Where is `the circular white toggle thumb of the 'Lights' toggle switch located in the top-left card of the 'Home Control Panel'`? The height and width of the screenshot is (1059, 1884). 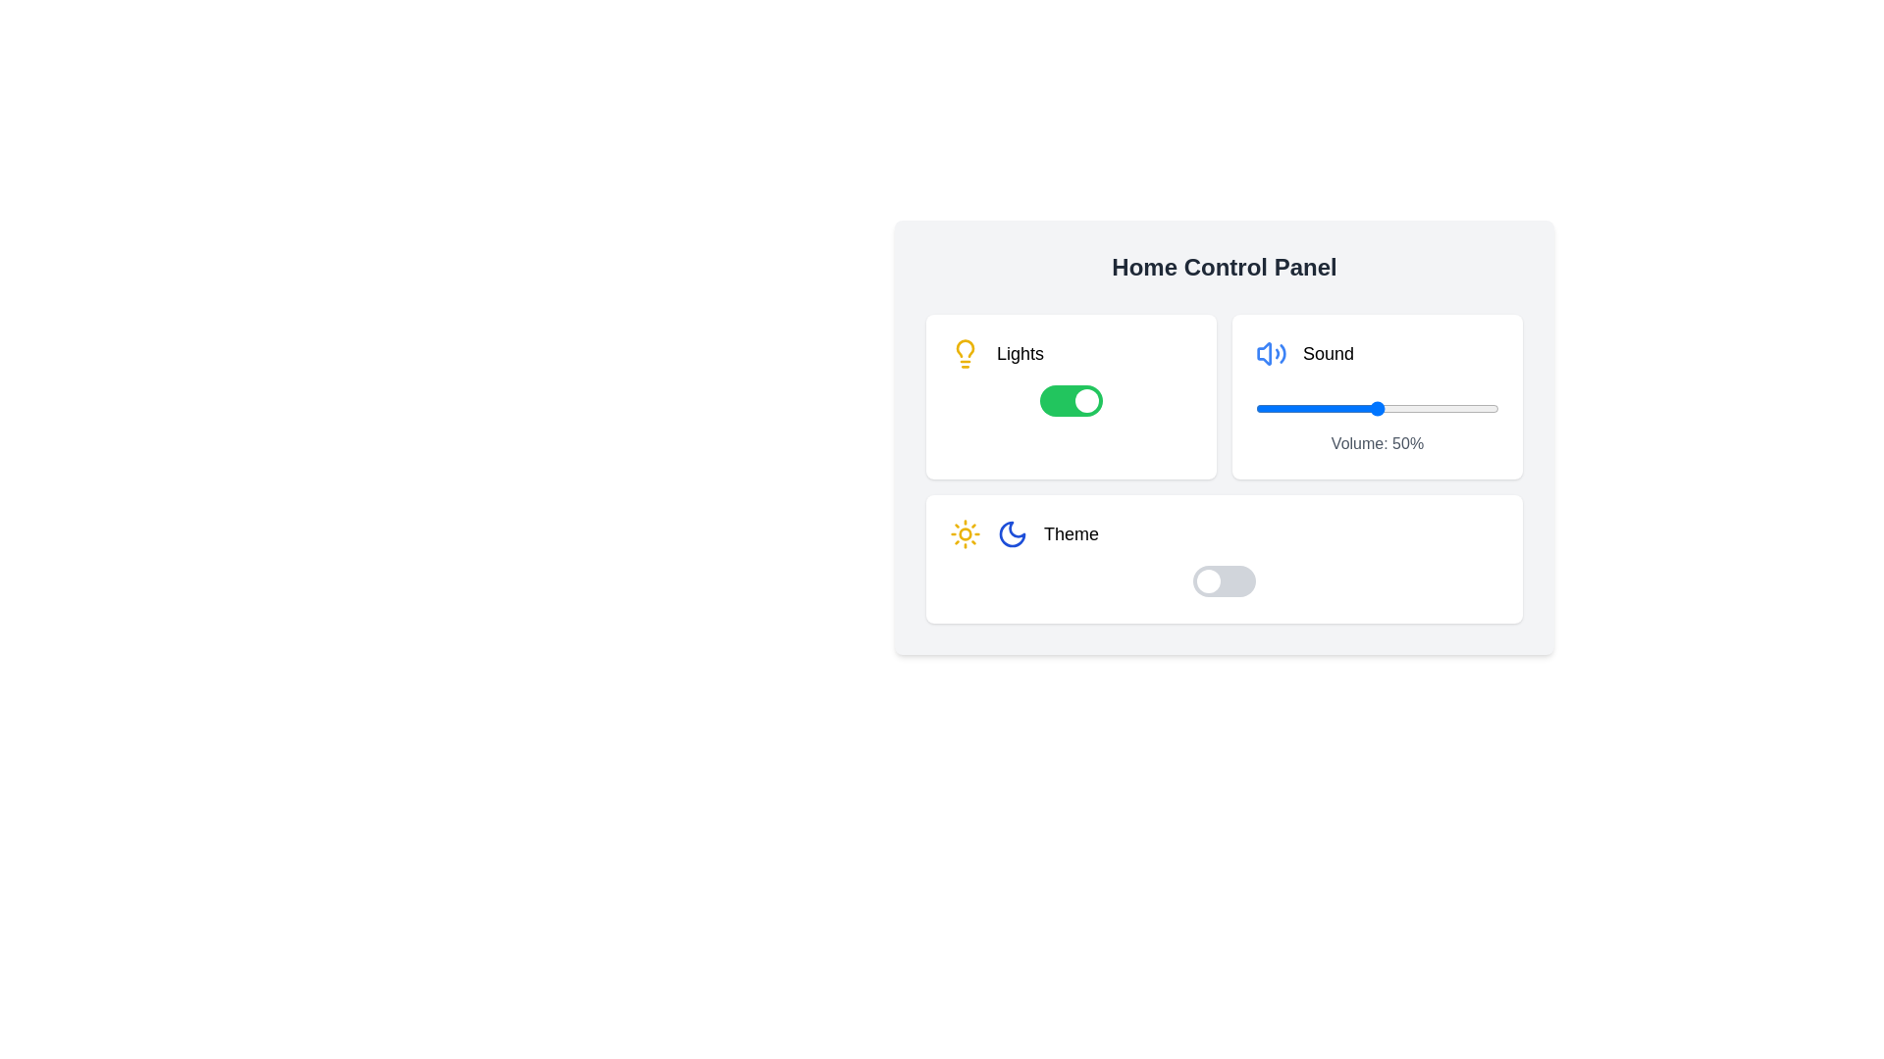
the circular white toggle thumb of the 'Lights' toggle switch located in the top-left card of the 'Home Control Panel' is located at coordinates (1086, 399).